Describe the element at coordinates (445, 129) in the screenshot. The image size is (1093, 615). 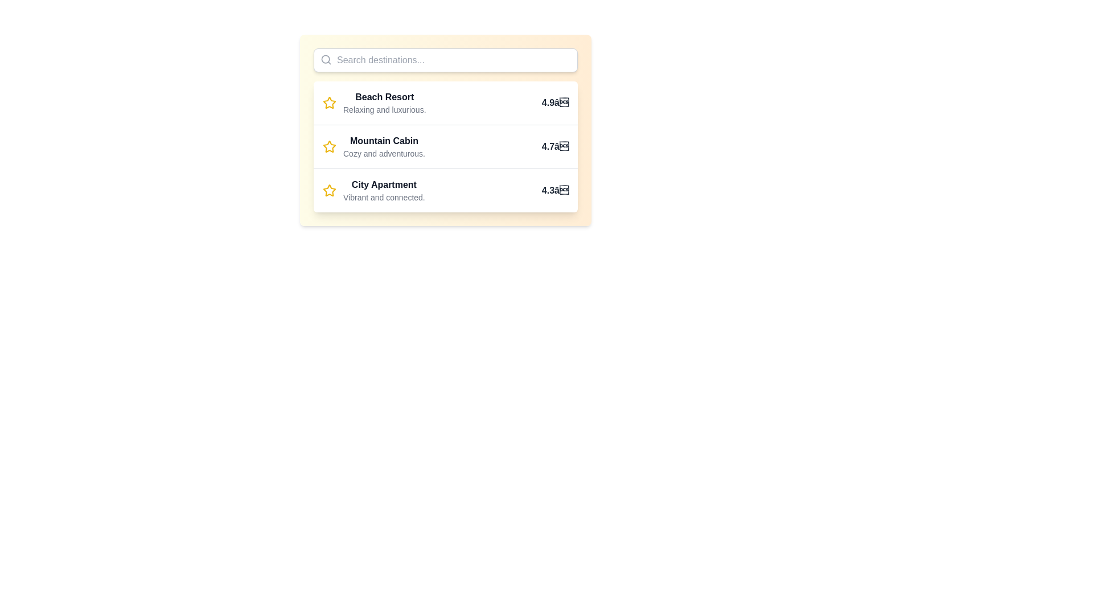
I see `the informational card that presents details about a specific property, positioned as the second item in a vertically arranged list of three cards, for more details` at that location.